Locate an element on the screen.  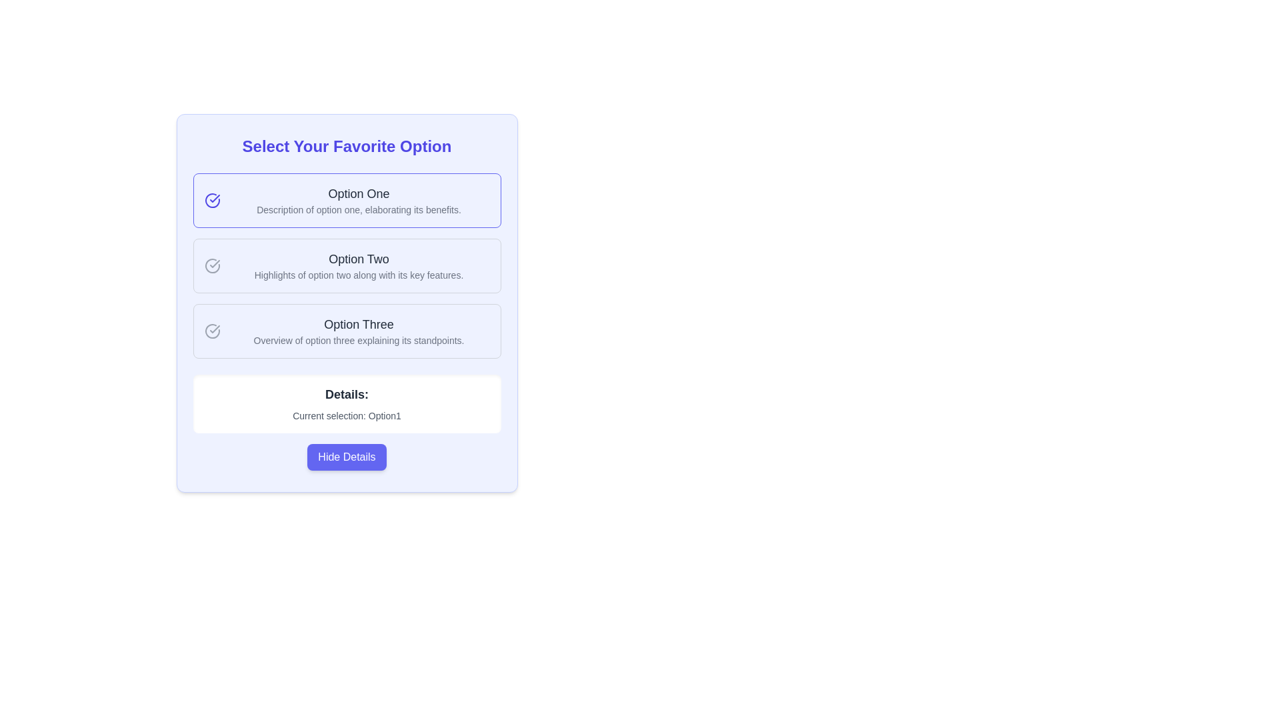
textual content 'Overview of option three explaining its standpoints.' located under the header for 'Option Three' in the bottom half of the section group is located at coordinates (359, 339).